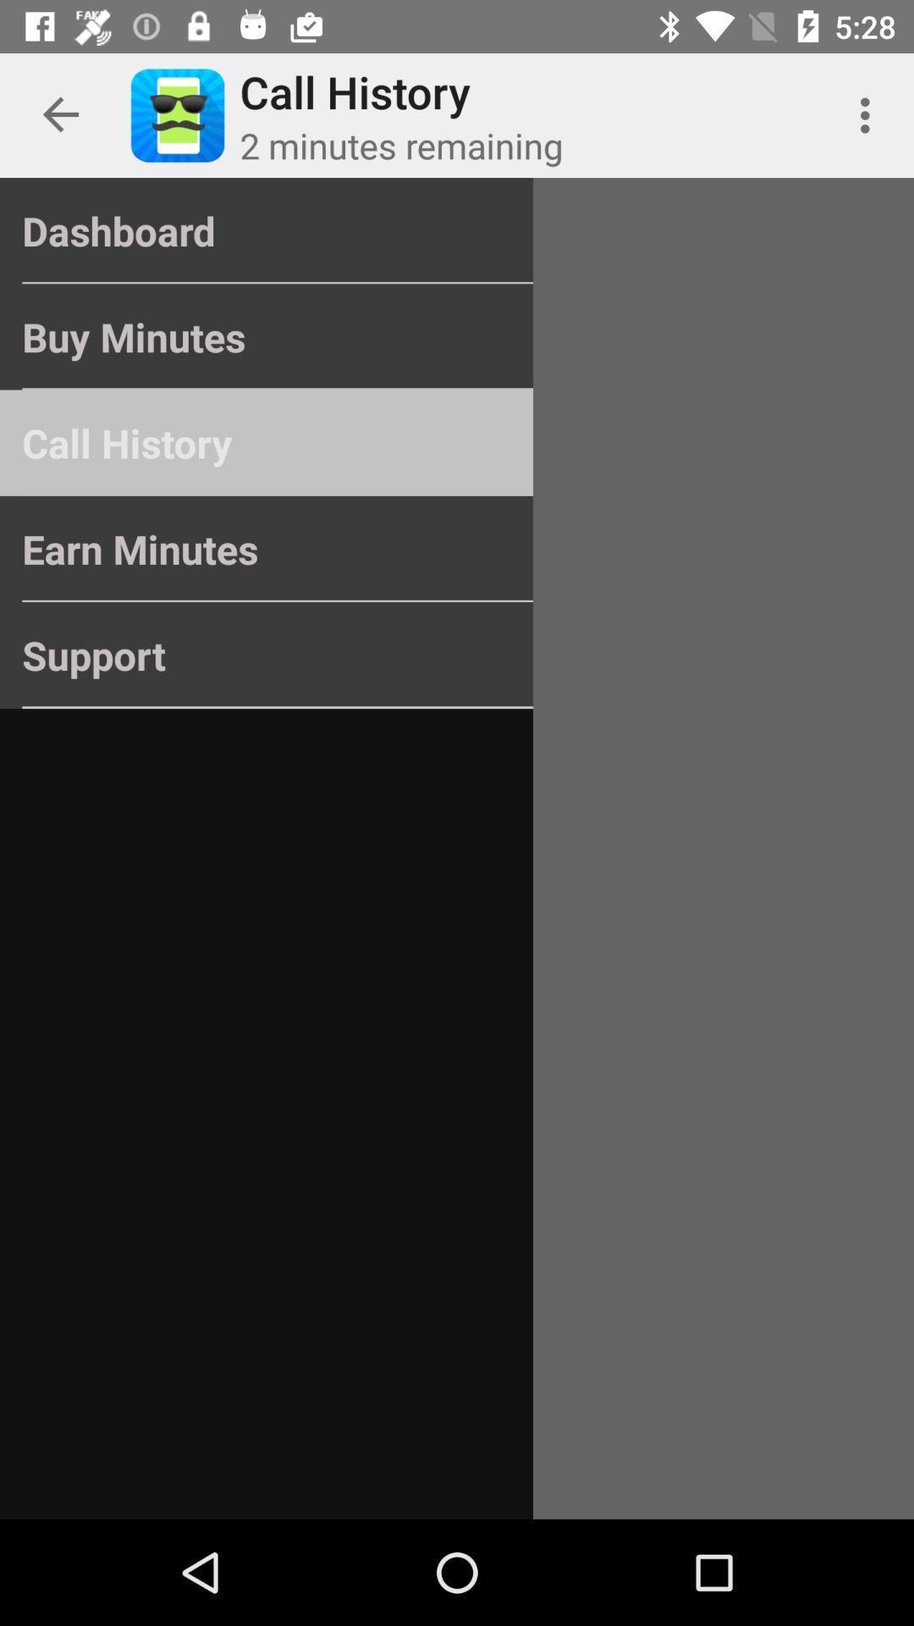 Image resolution: width=914 pixels, height=1626 pixels. What do you see at coordinates (267, 230) in the screenshot?
I see `item above the buy minutes` at bounding box center [267, 230].